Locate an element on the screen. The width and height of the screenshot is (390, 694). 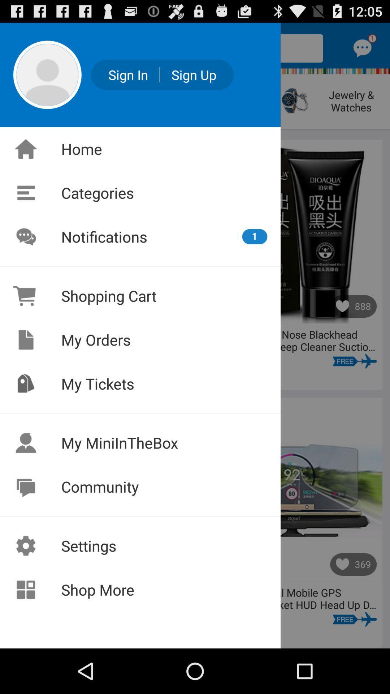
the chat icon is located at coordinates (362, 51).